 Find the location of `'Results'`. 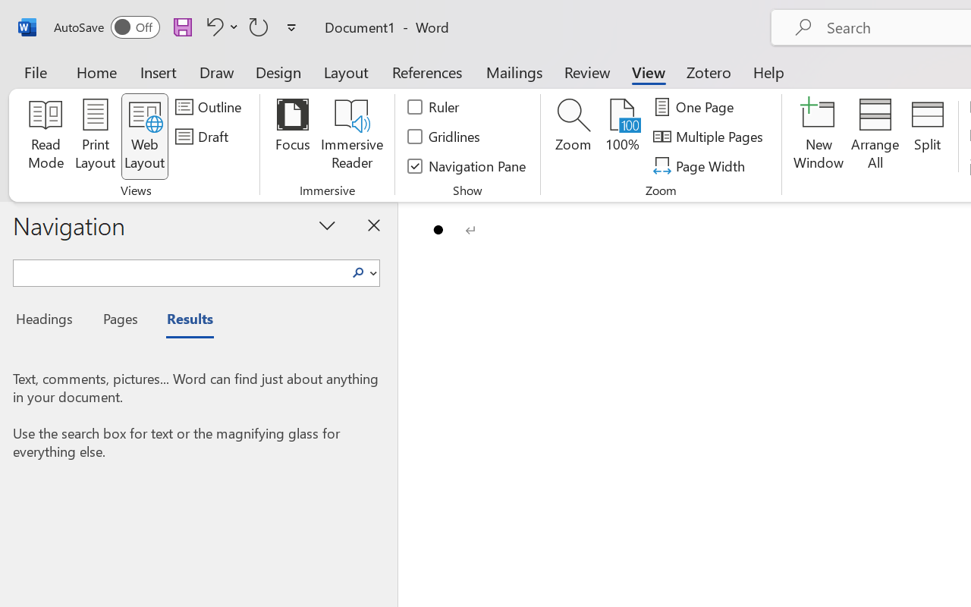

'Results' is located at coordinates (182, 321).